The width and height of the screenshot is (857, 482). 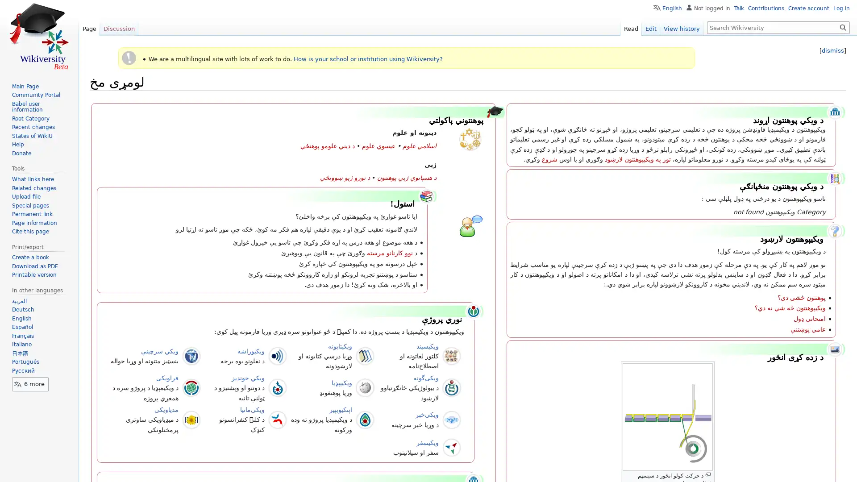 What do you see at coordinates (832, 50) in the screenshot?
I see `dismiss` at bounding box center [832, 50].